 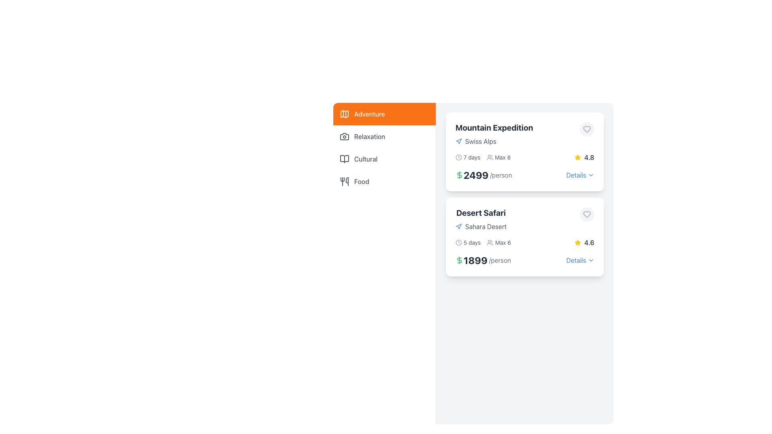 What do you see at coordinates (483, 174) in the screenshot?
I see `text label conveying the cost per individual for the 'Mountain Expedition' activity, located in the upper section of the details panel on the right side of the page` at bounding box center [483, 174].